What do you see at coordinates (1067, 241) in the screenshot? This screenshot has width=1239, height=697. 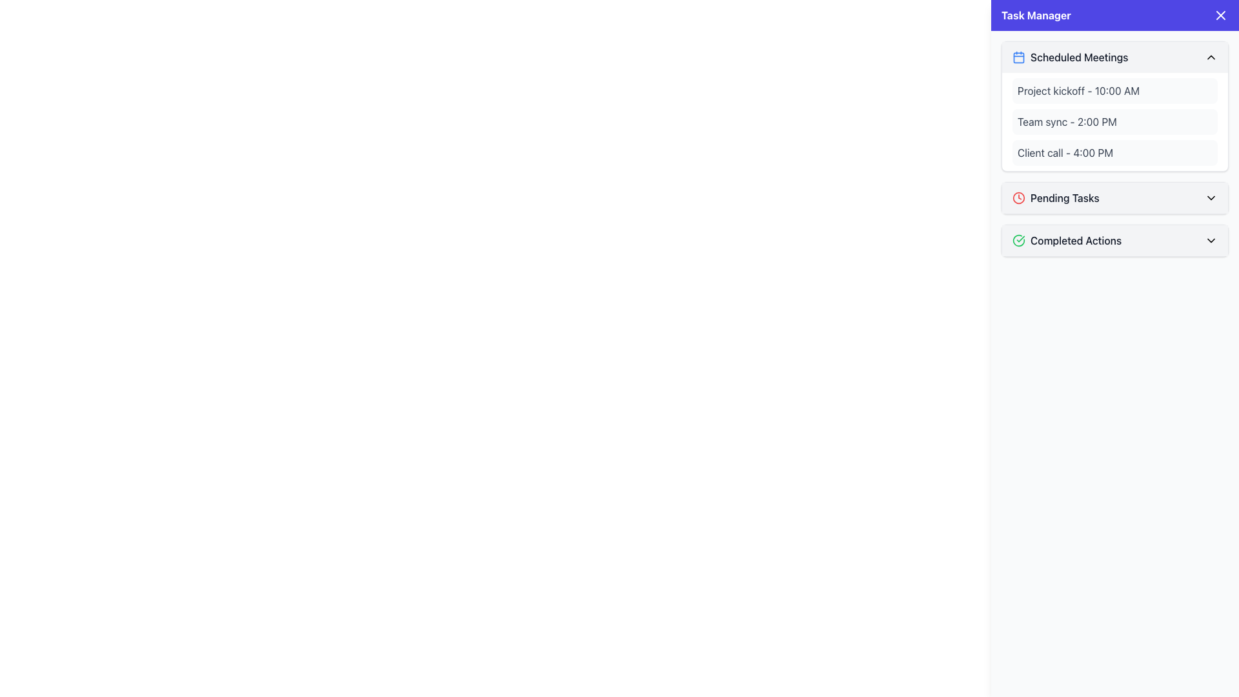 I see `the 'Completed Actions' label, which is a Composite element containing a green checkmark icon and the text label` at bounding box center [1067, 241].